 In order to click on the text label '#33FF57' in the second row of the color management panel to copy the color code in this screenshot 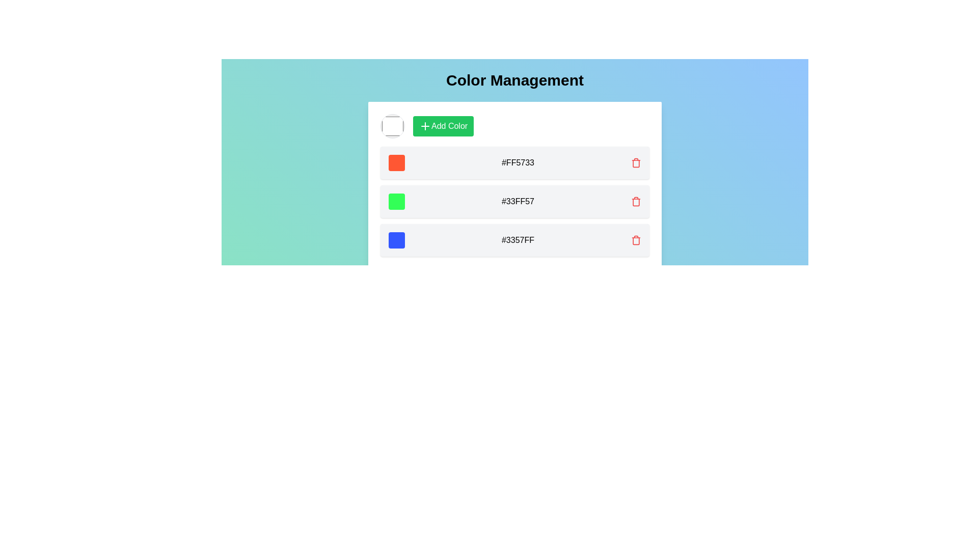, I will do `click(515, 202)`.